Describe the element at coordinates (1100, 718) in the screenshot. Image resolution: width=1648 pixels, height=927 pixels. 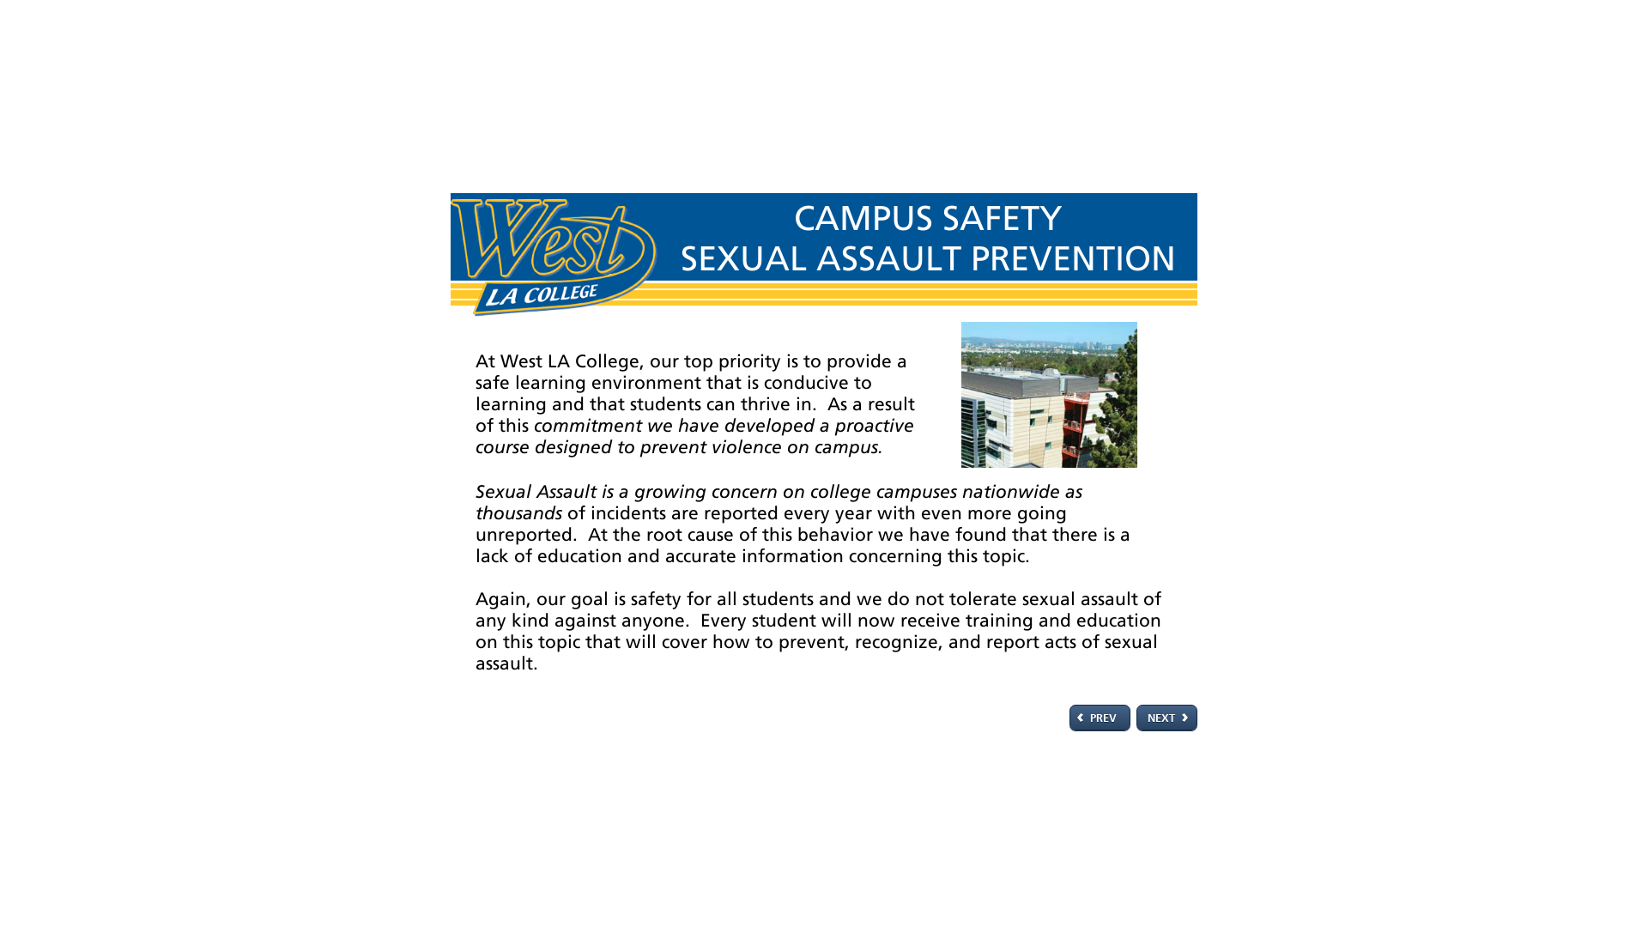
I see `'PREV'` at that location.